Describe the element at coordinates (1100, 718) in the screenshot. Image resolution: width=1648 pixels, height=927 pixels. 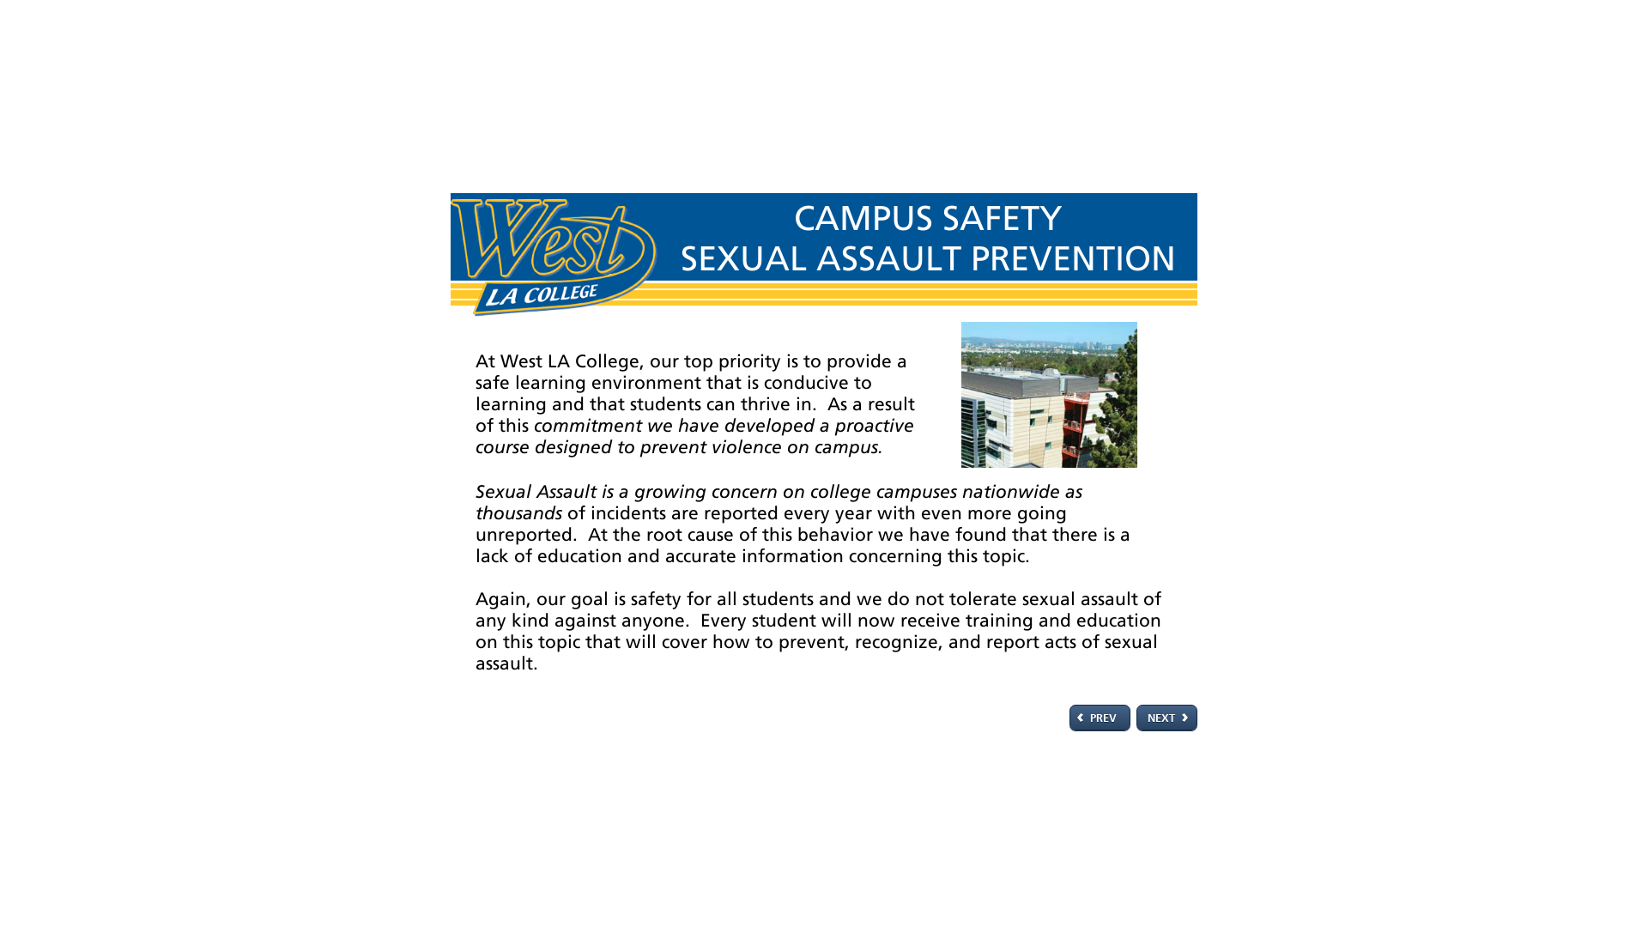
I see `'PREV'` at that location.